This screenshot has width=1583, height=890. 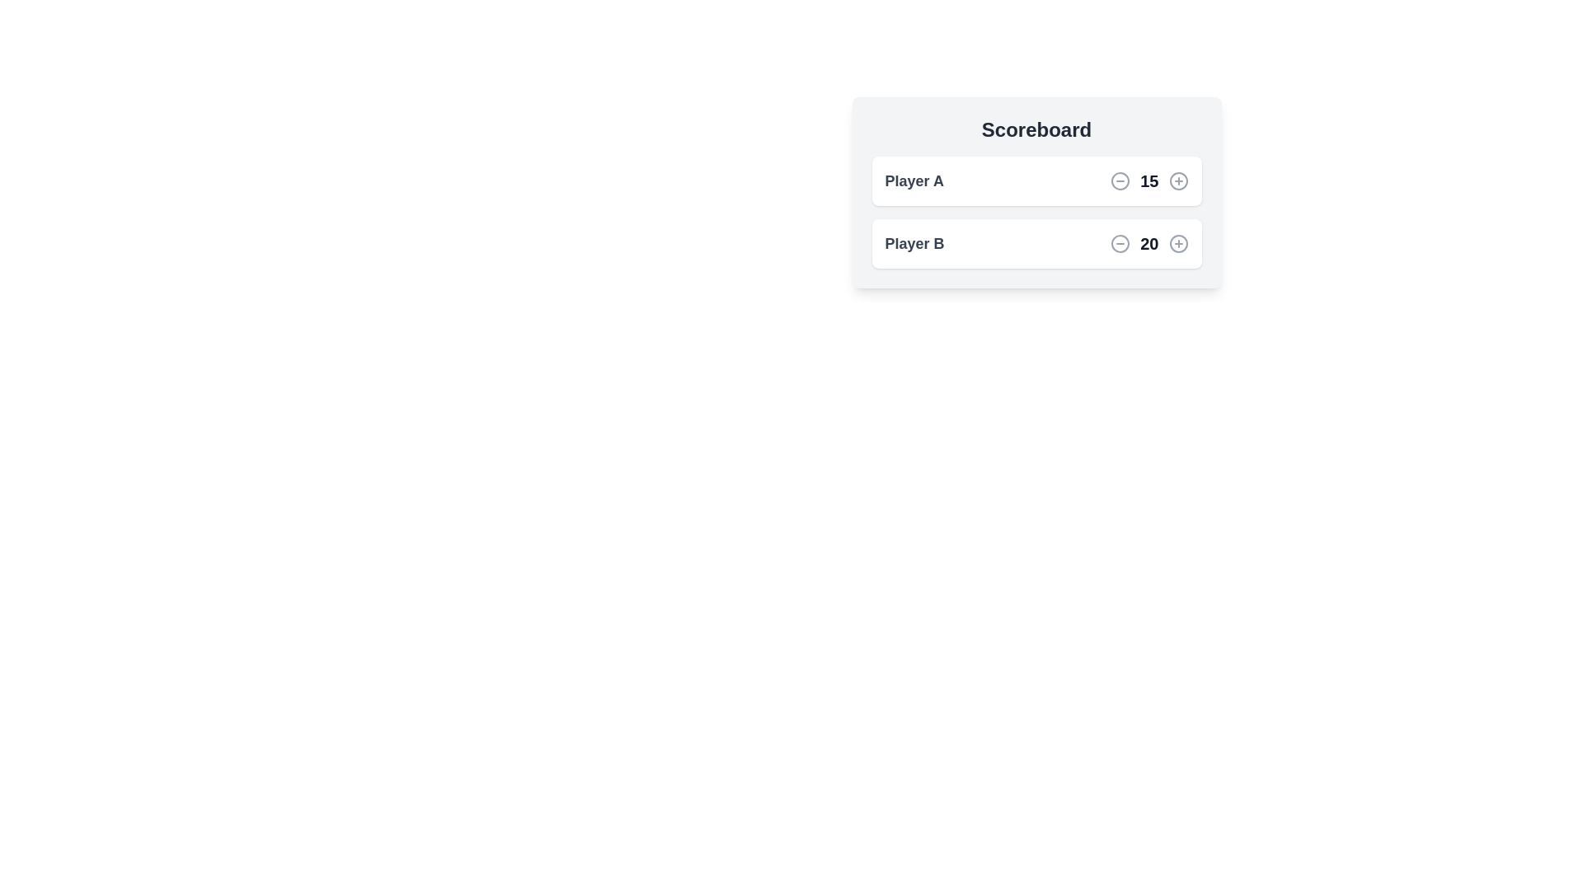 What do you see at coordinates (1120, 180) in the screenshot?
I see `the decrement button located in the first row under the 'Scoreboard' header, next to the 'Player A' label, to decrease the score` at bounding box center [1120, 180].